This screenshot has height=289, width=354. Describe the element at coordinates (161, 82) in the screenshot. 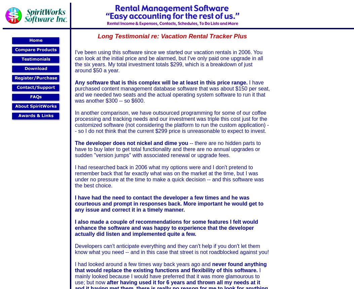

I see `'Any software that is this complex will be at least in this price range.'` at that location.